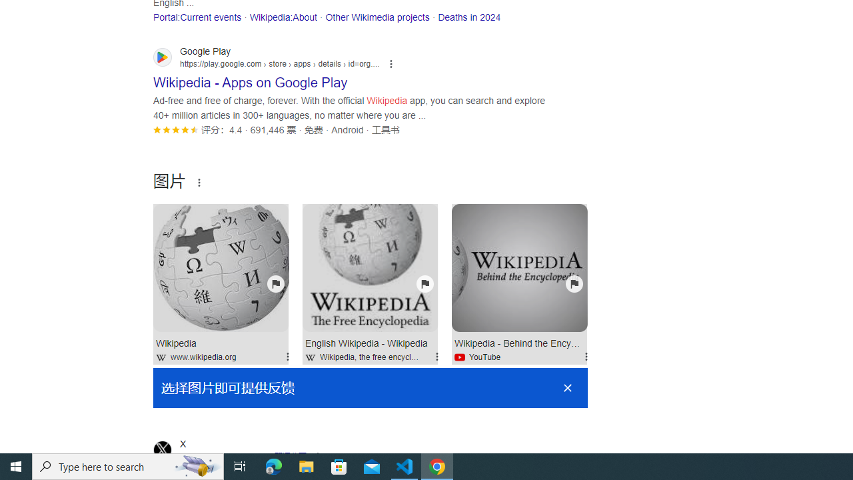 The height and width of the screenshot is (480, 853). I want to click on 'Deaths in 2024', so click(469, 17).